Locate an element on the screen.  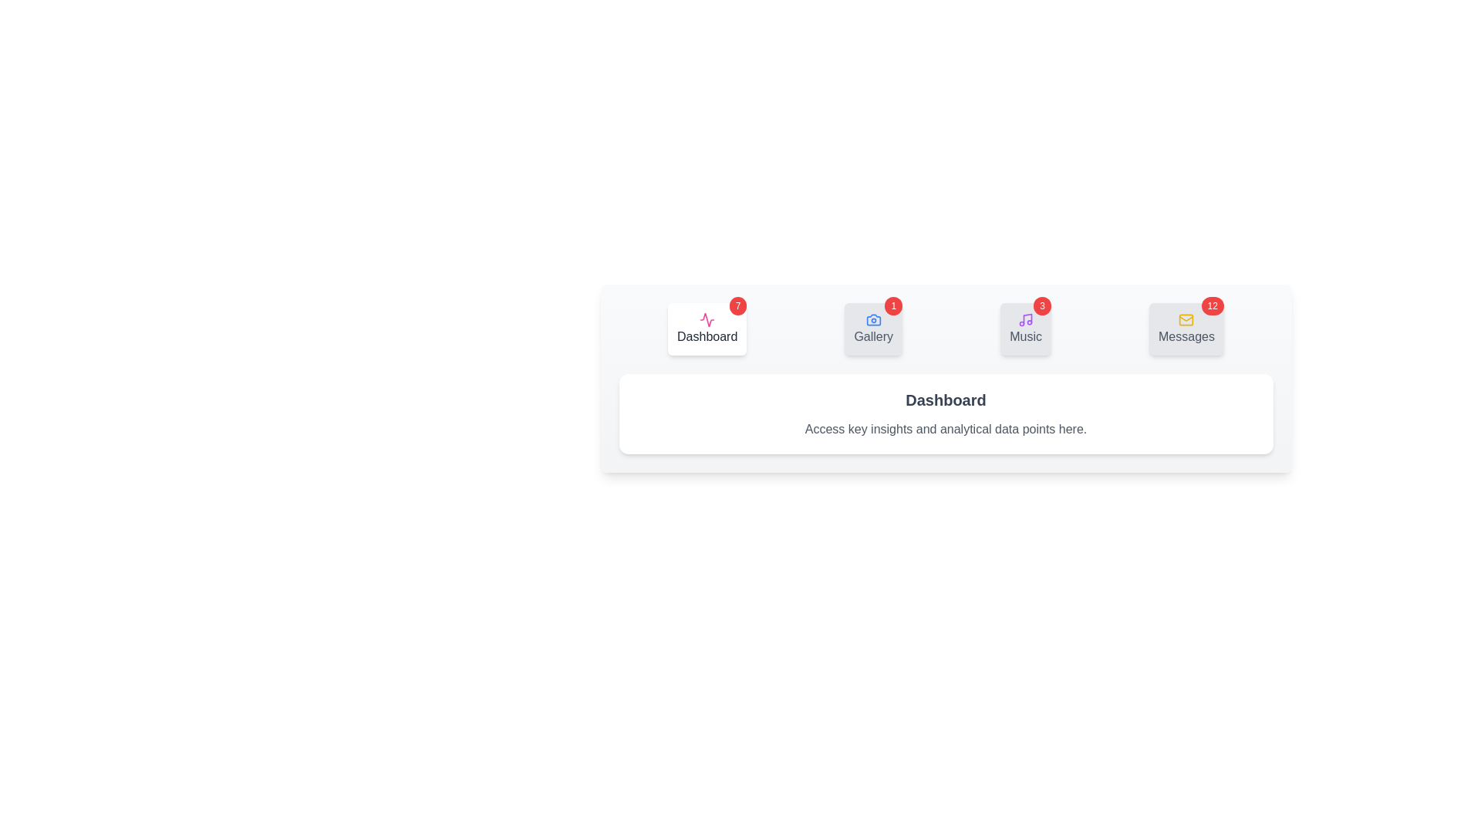
the tab labeled Dashboard is located at coordinates (707, 329).